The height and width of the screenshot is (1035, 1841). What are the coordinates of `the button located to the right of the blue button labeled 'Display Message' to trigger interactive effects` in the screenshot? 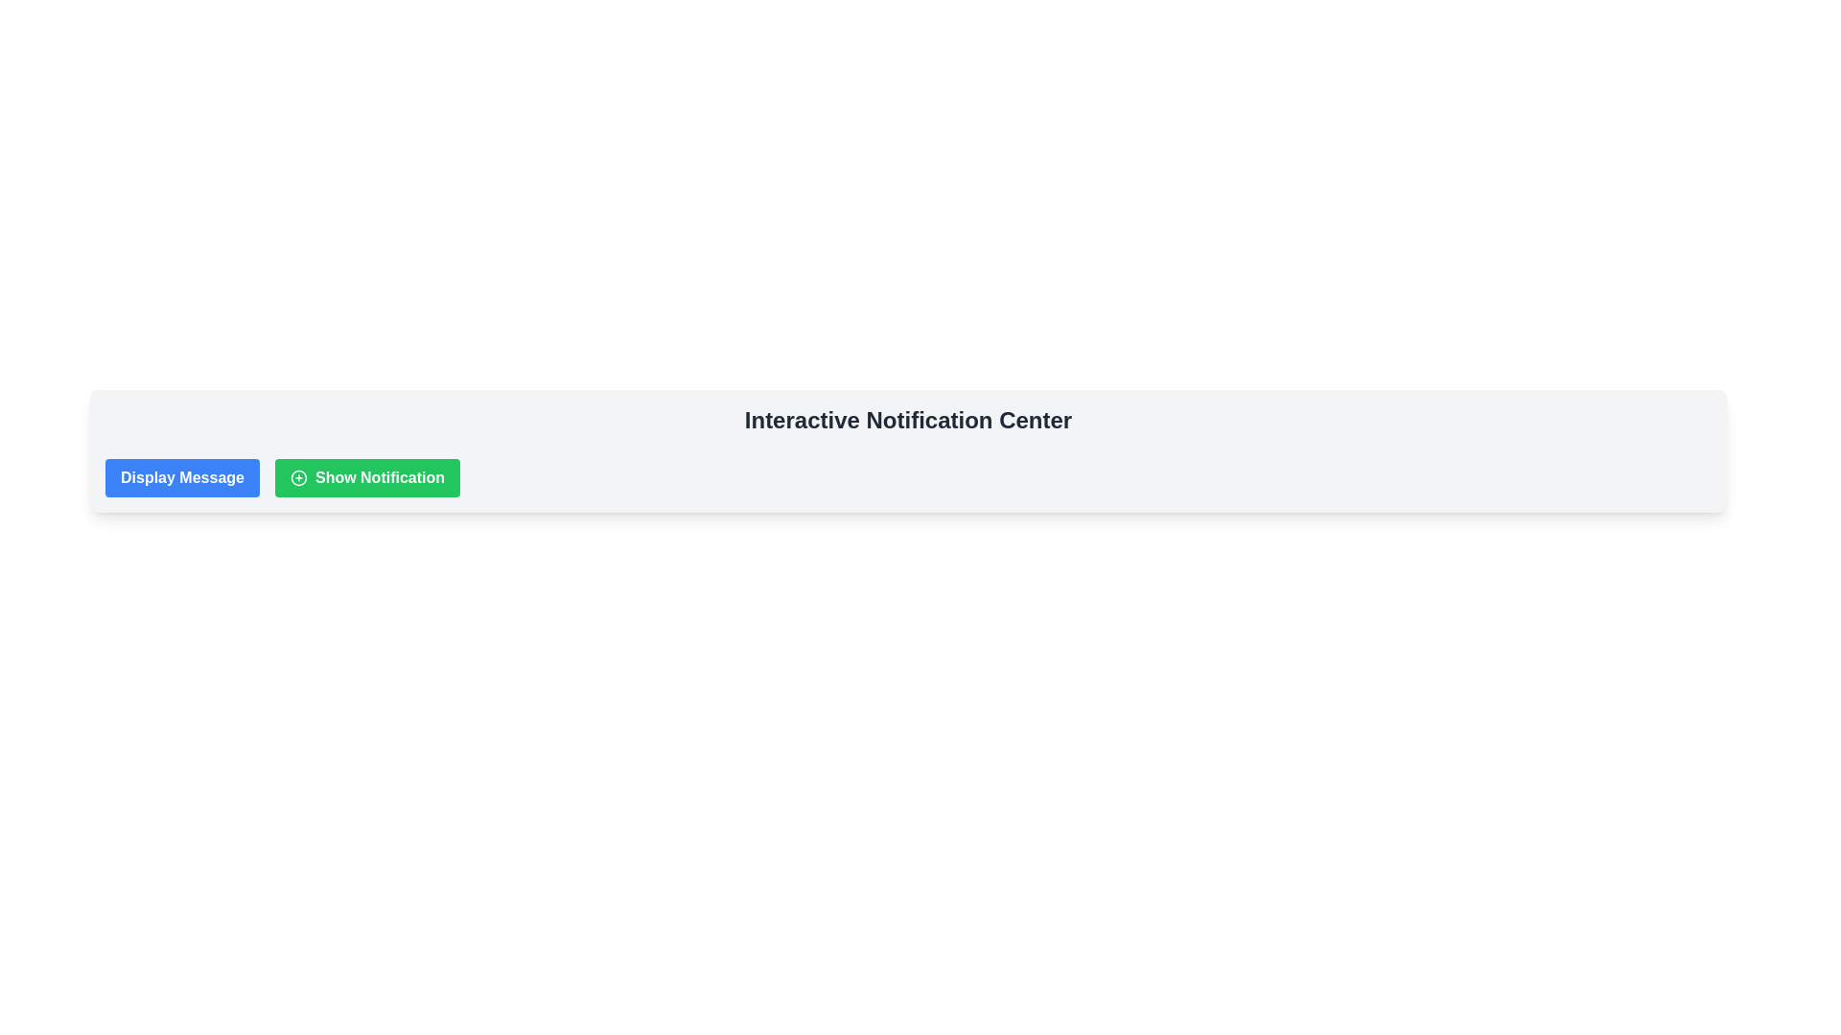 It's located at (367, 476).